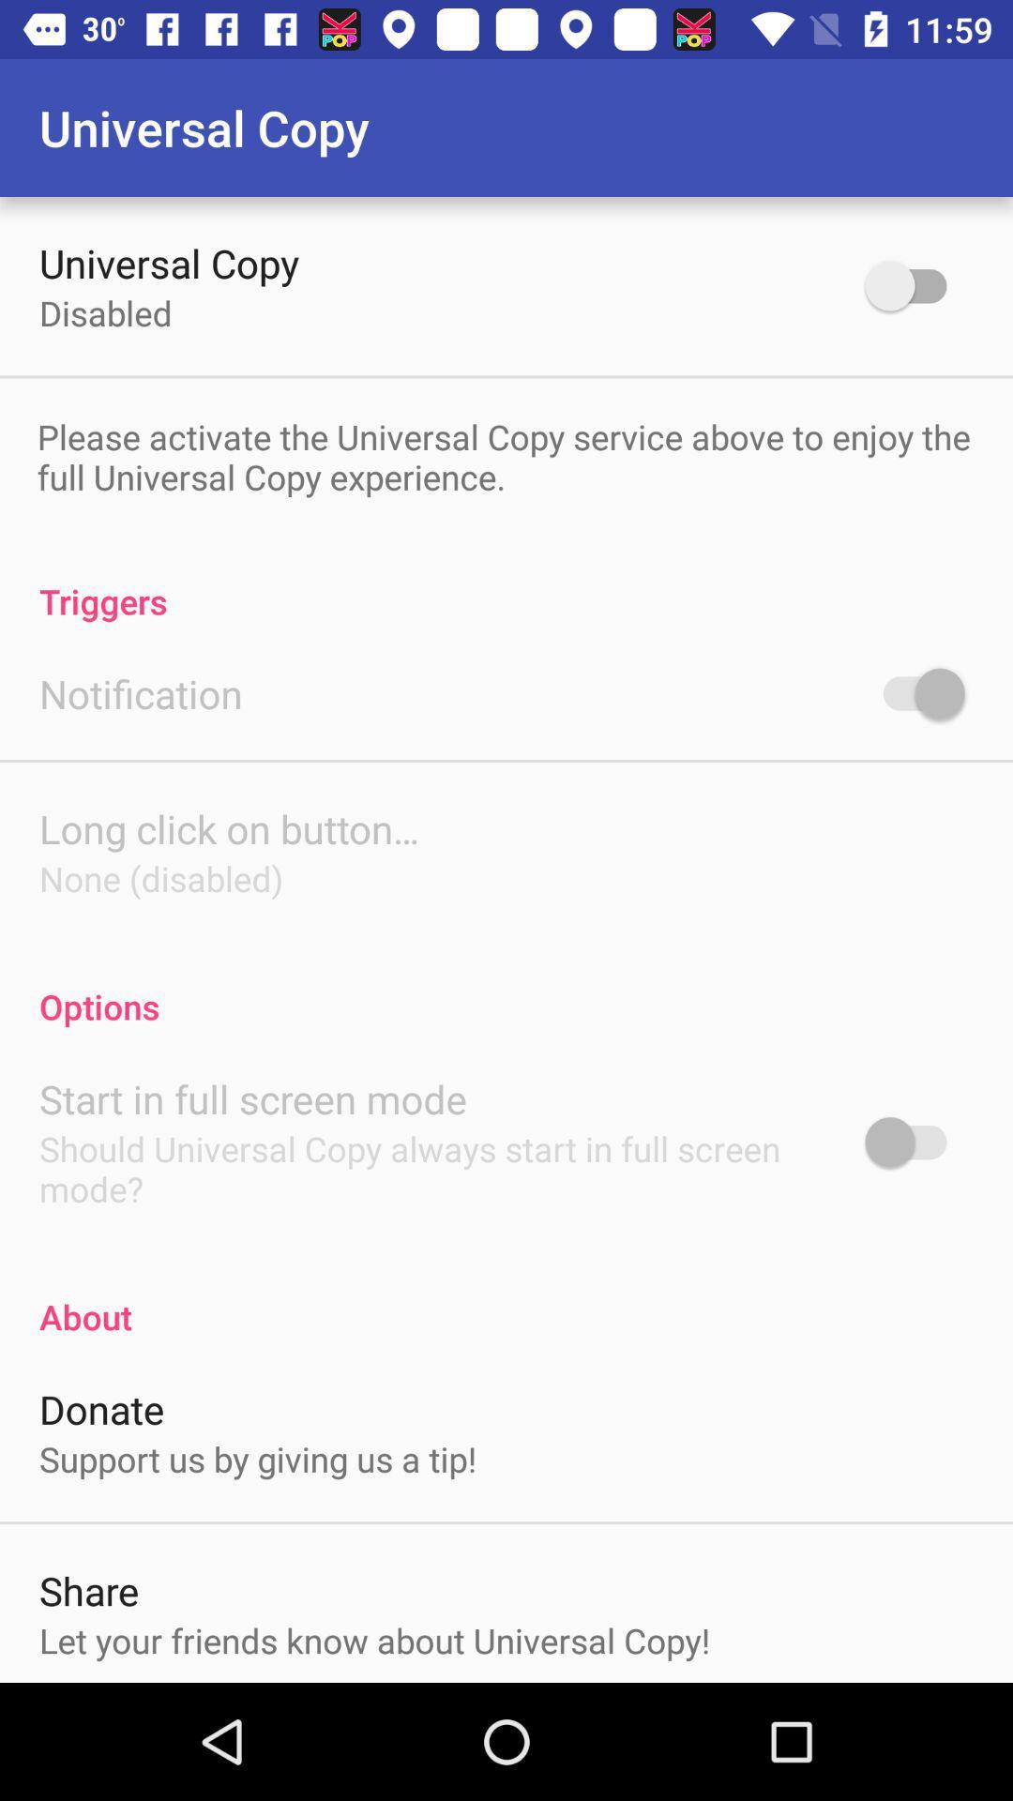 The image size is (1013, 1801). Describe the element at coordinates (504, 457) in the screenshot. I see `icon above the triggers` at that location.